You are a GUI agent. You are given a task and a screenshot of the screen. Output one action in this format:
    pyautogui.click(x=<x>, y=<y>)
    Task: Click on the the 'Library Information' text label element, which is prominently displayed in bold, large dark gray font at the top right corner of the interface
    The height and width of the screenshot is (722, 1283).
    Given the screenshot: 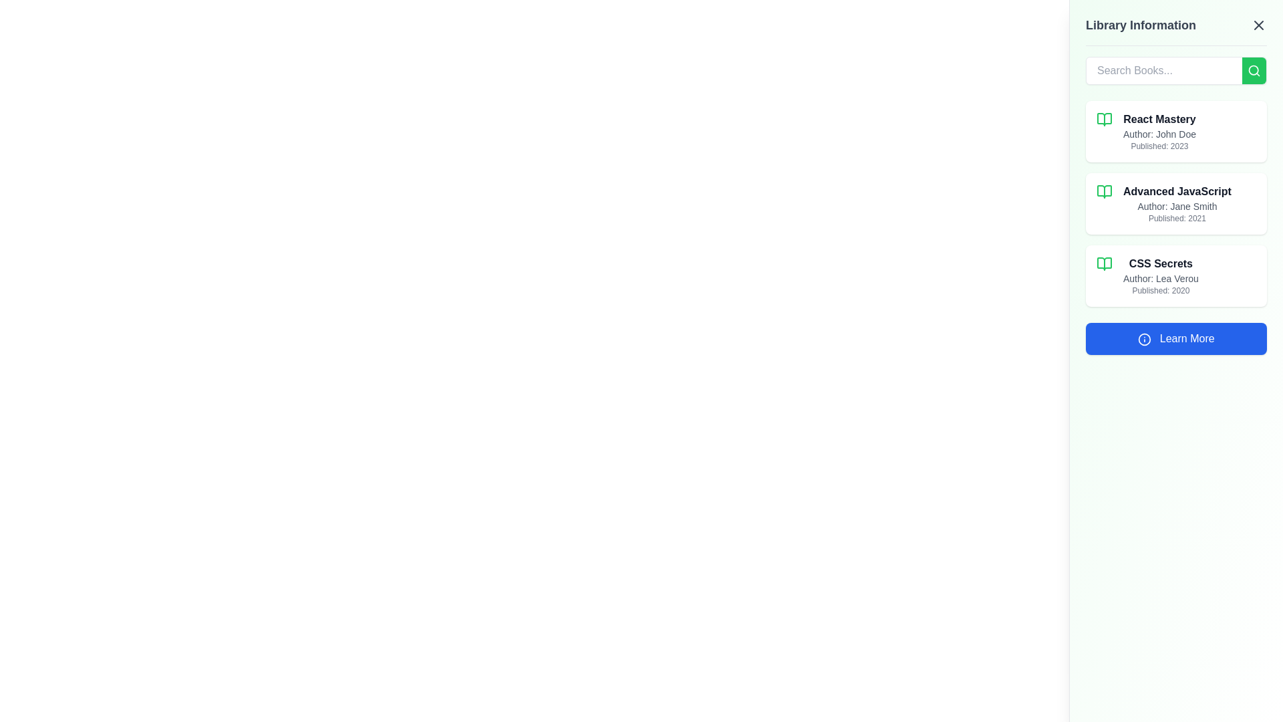 What is the action you would take?
    pyautogui.click(x=1140, y=25)
    